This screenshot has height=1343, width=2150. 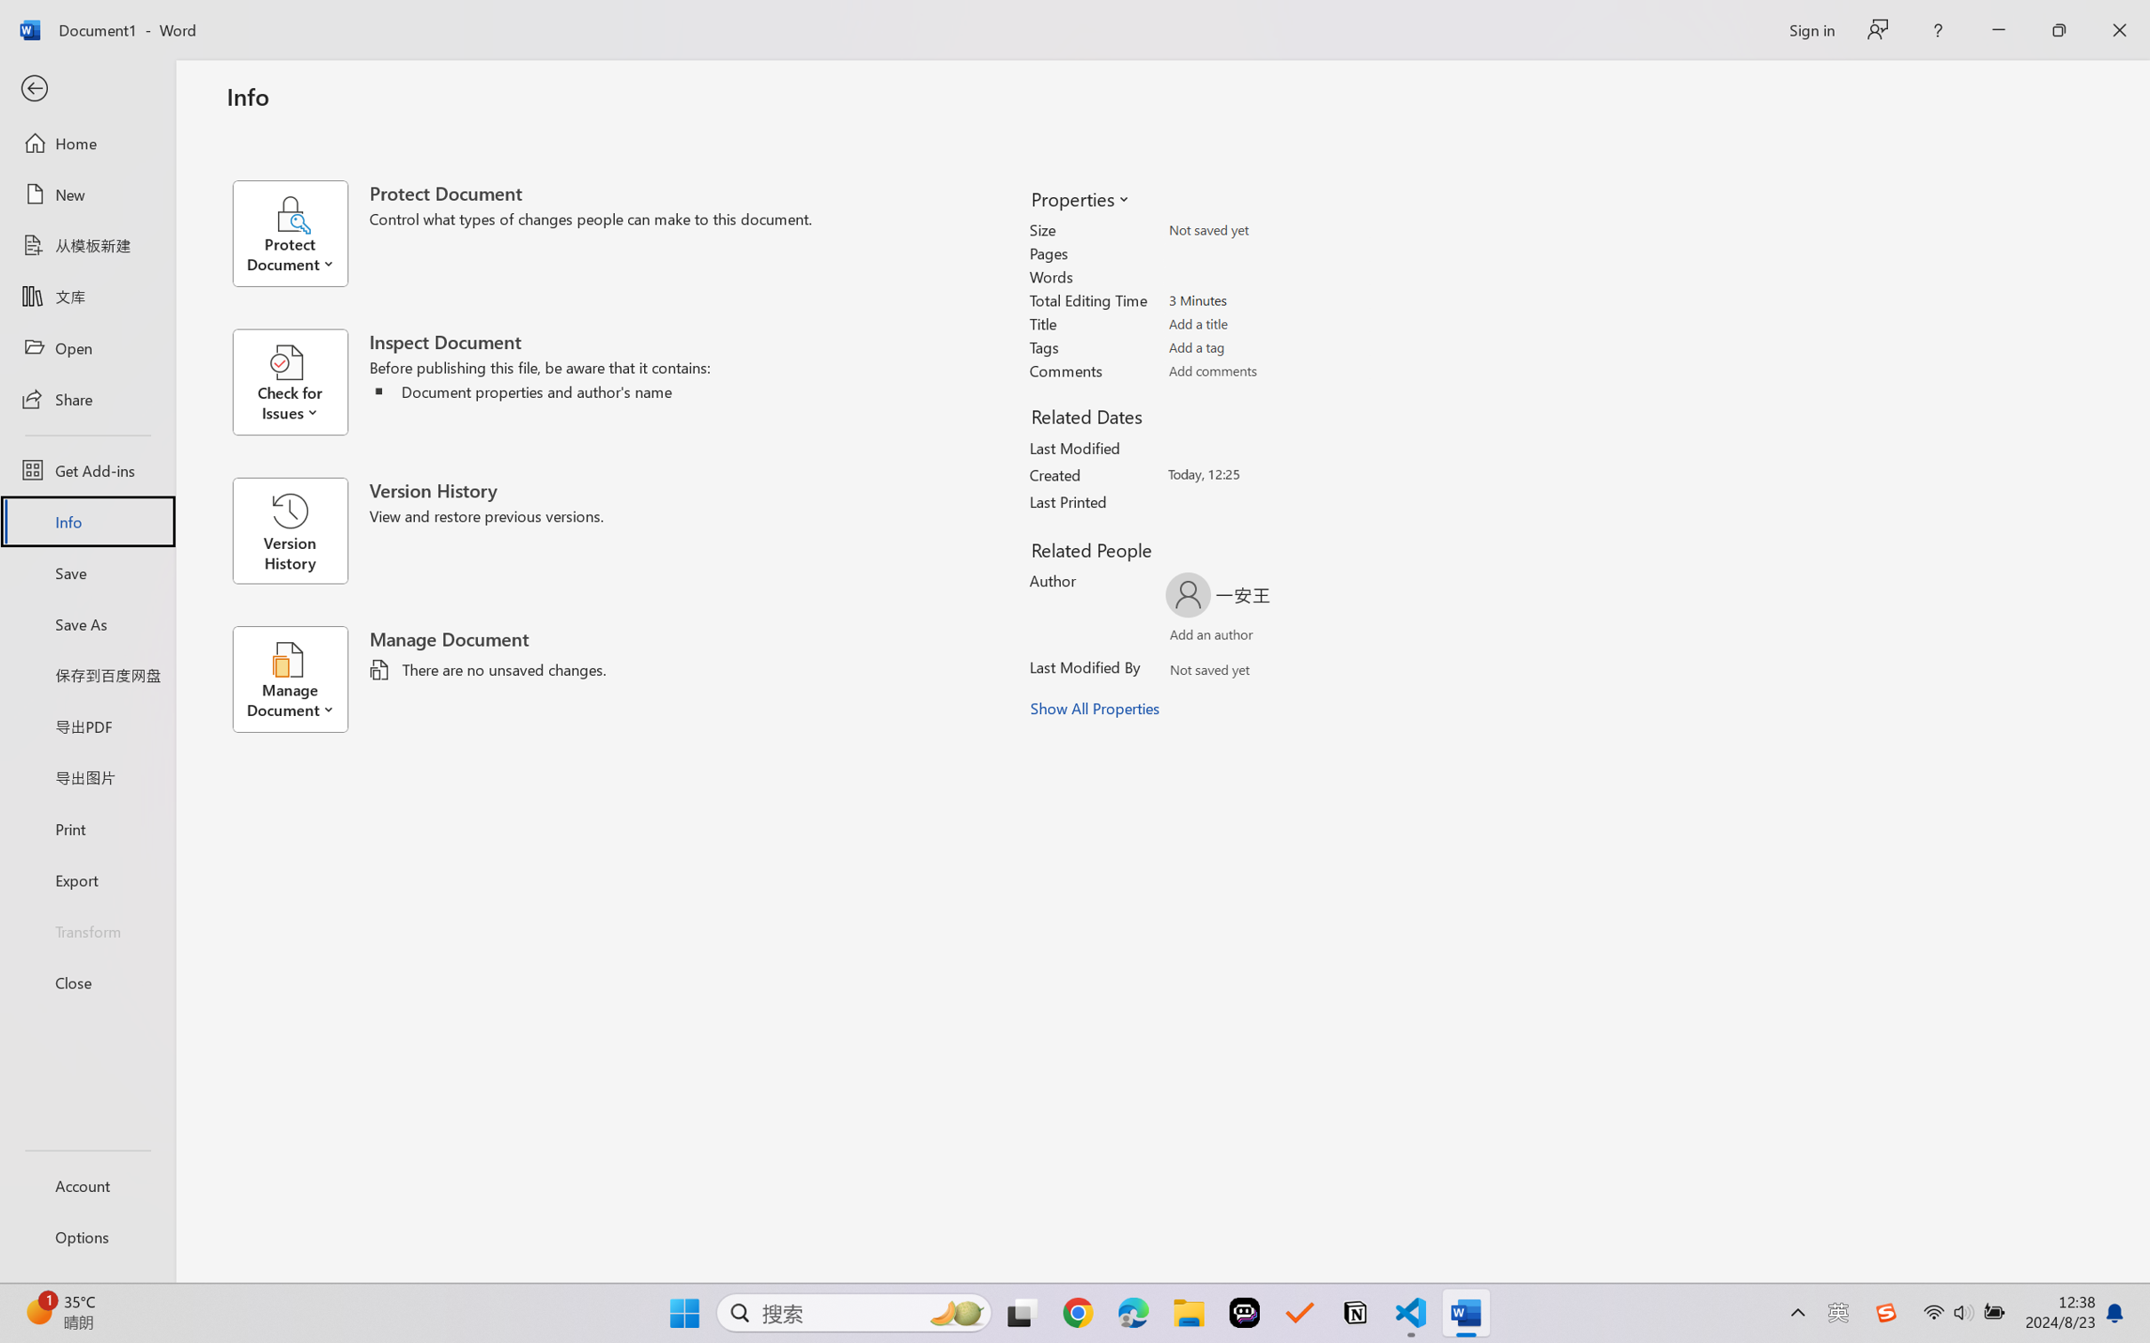 What do you see at coordinates (1240, 671) in the screenshot?
I see `'Verify Names'` at bounding box center [1240, 671].